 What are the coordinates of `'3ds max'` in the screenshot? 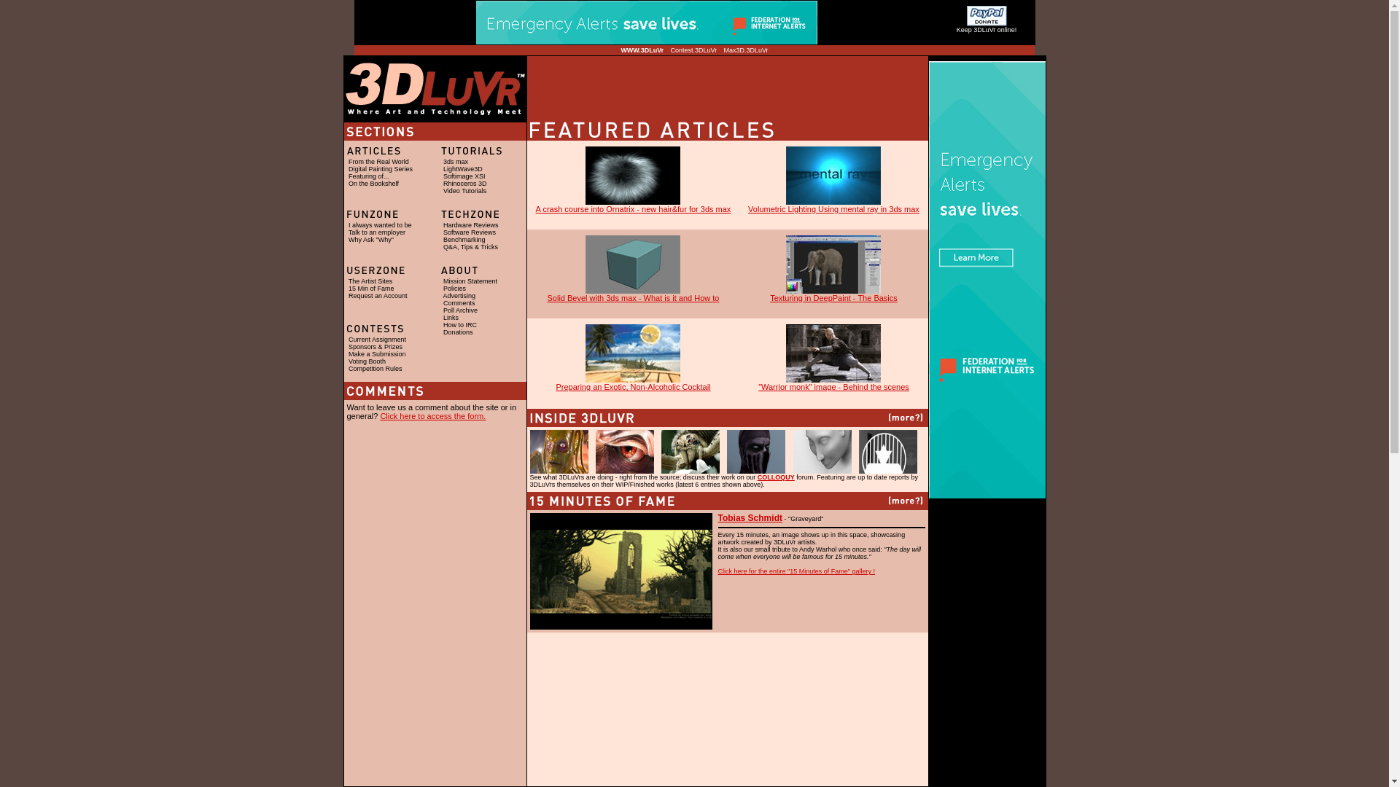 It's located at (454, 162).